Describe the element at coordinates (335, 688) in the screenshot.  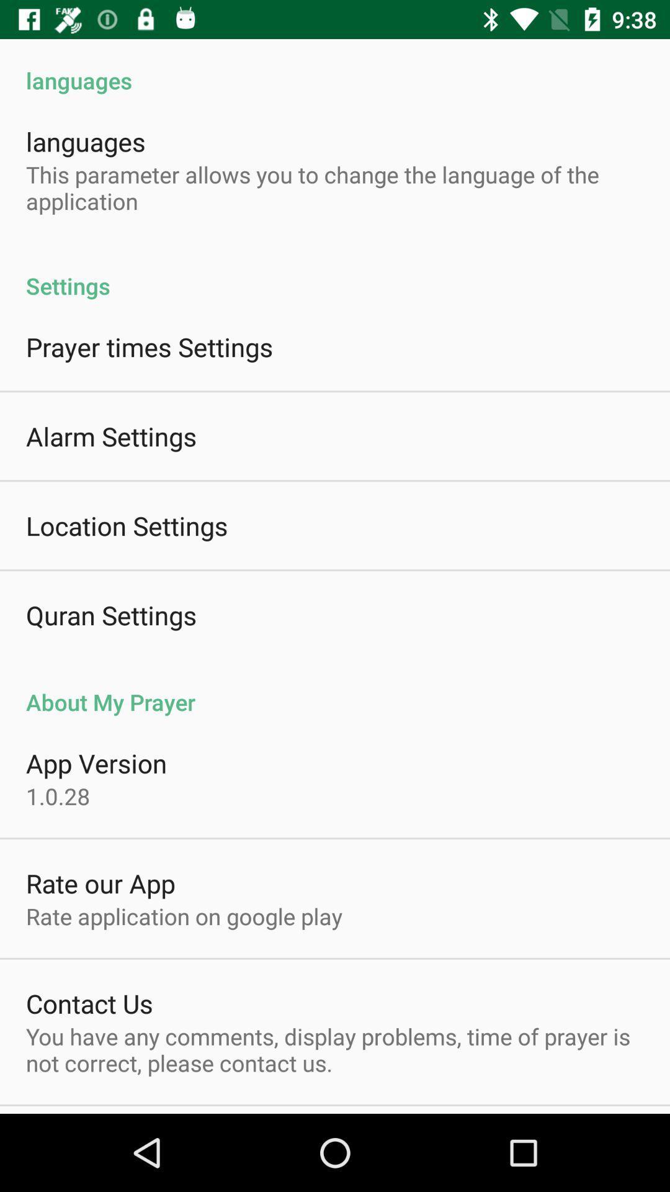
I see `the icon below quran settings icon` at that location.